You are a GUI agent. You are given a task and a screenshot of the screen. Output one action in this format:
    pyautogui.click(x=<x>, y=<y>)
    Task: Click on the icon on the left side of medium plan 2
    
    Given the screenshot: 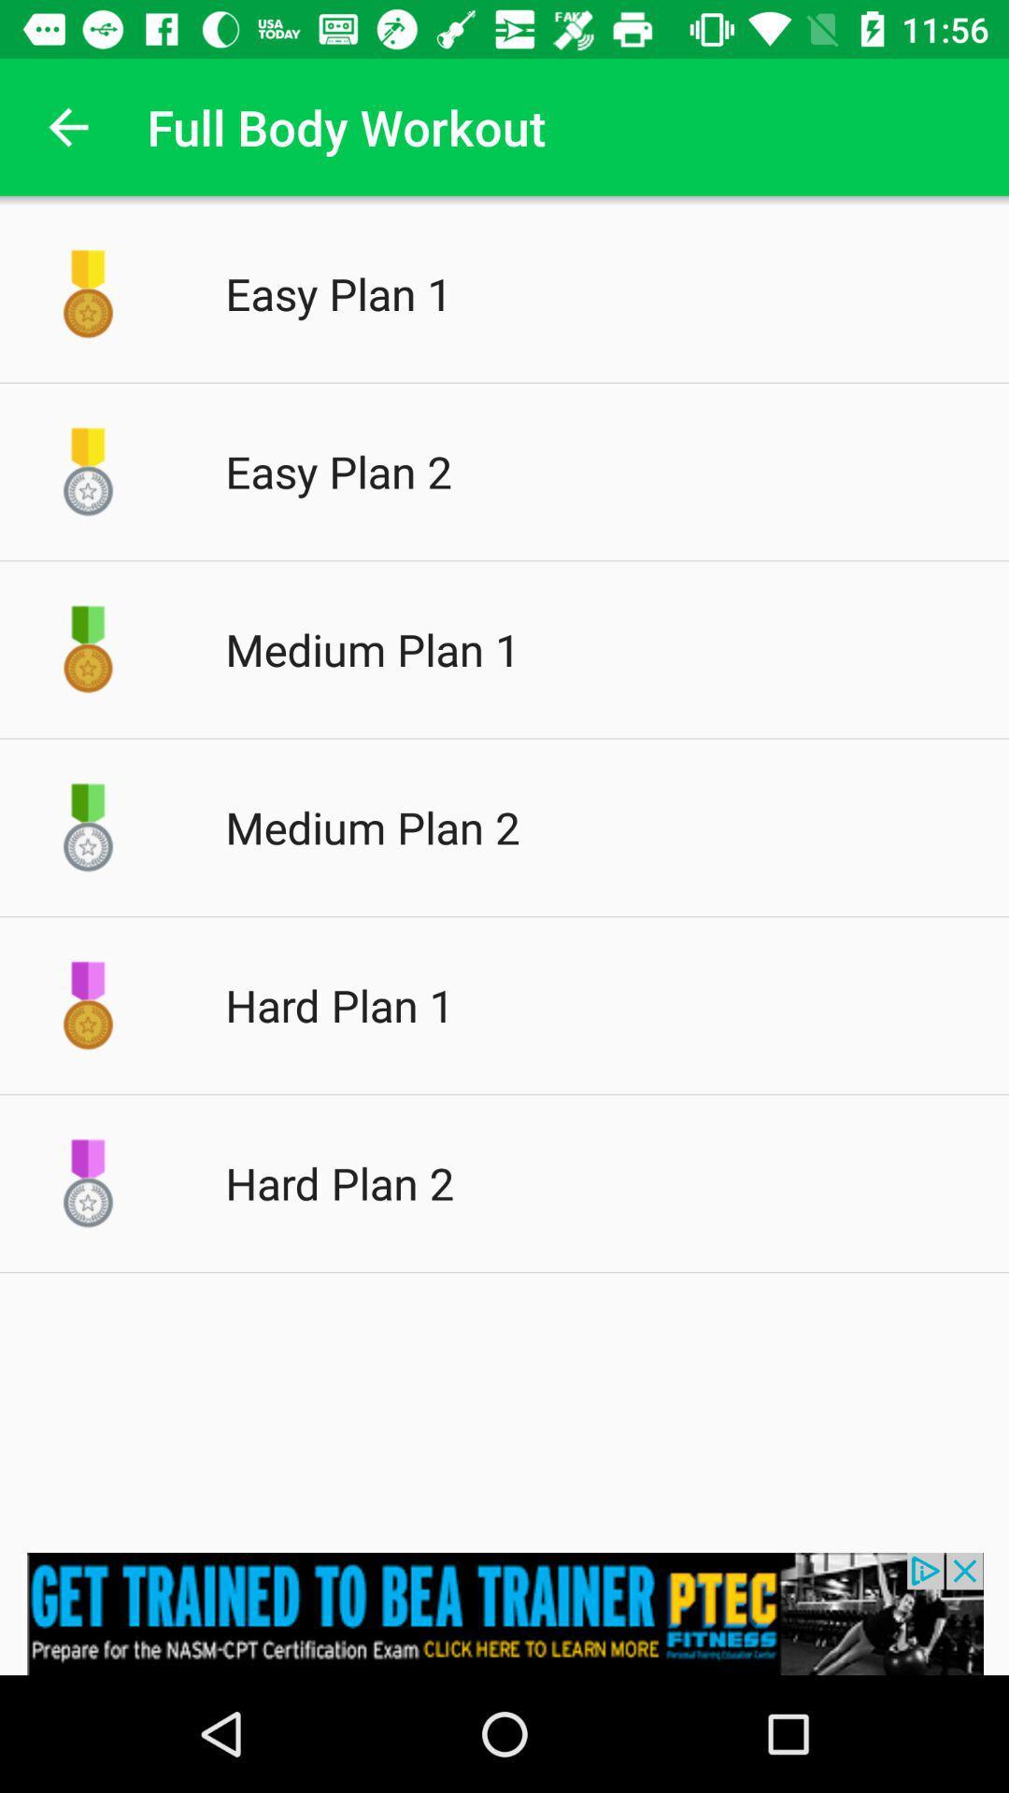 What is the action you would take?
    pyautogui.click(x=88, y=826)
    